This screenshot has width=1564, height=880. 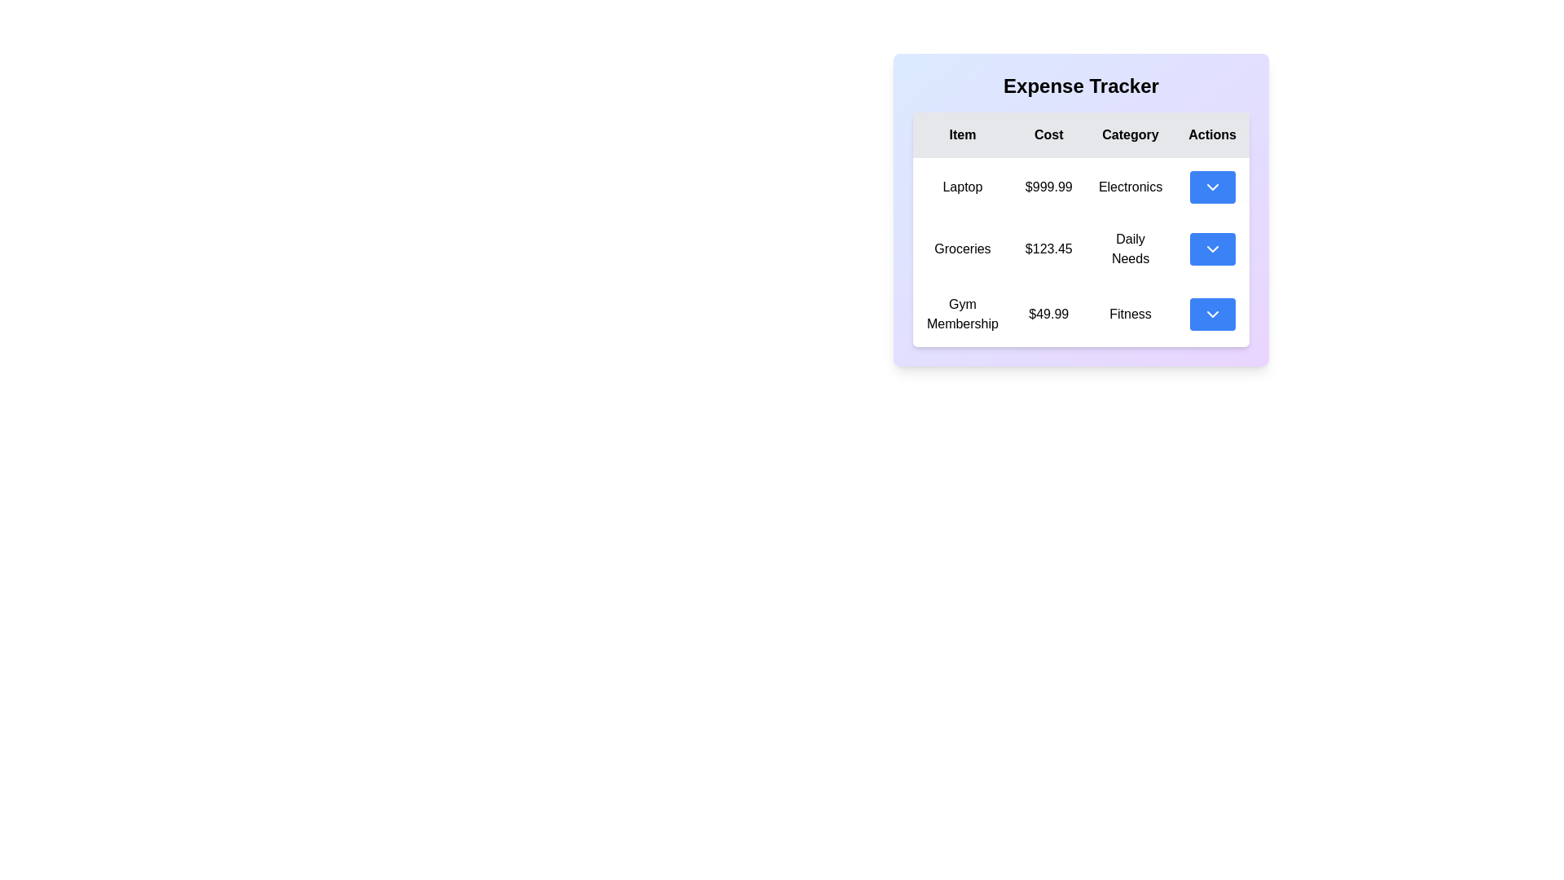 I want to click on the Icon (Chevron Down) in the 'Actions' column of the second row in the 'Expense Tracker' table, so click(x=1212, y=249).